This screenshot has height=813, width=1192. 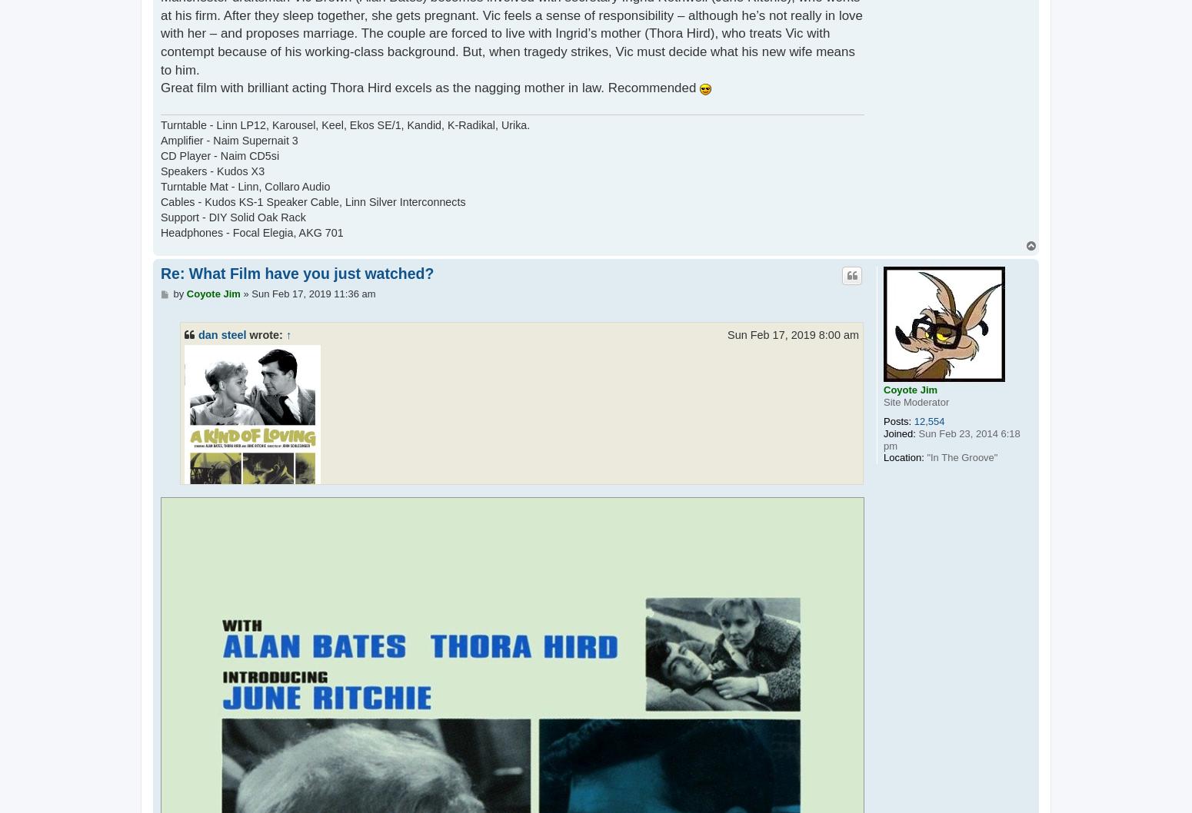 I want to click on 'Cables - Kudos KS-1 Speaker Cable, Linn Silver Interconnects', so click(x=159, y=202).